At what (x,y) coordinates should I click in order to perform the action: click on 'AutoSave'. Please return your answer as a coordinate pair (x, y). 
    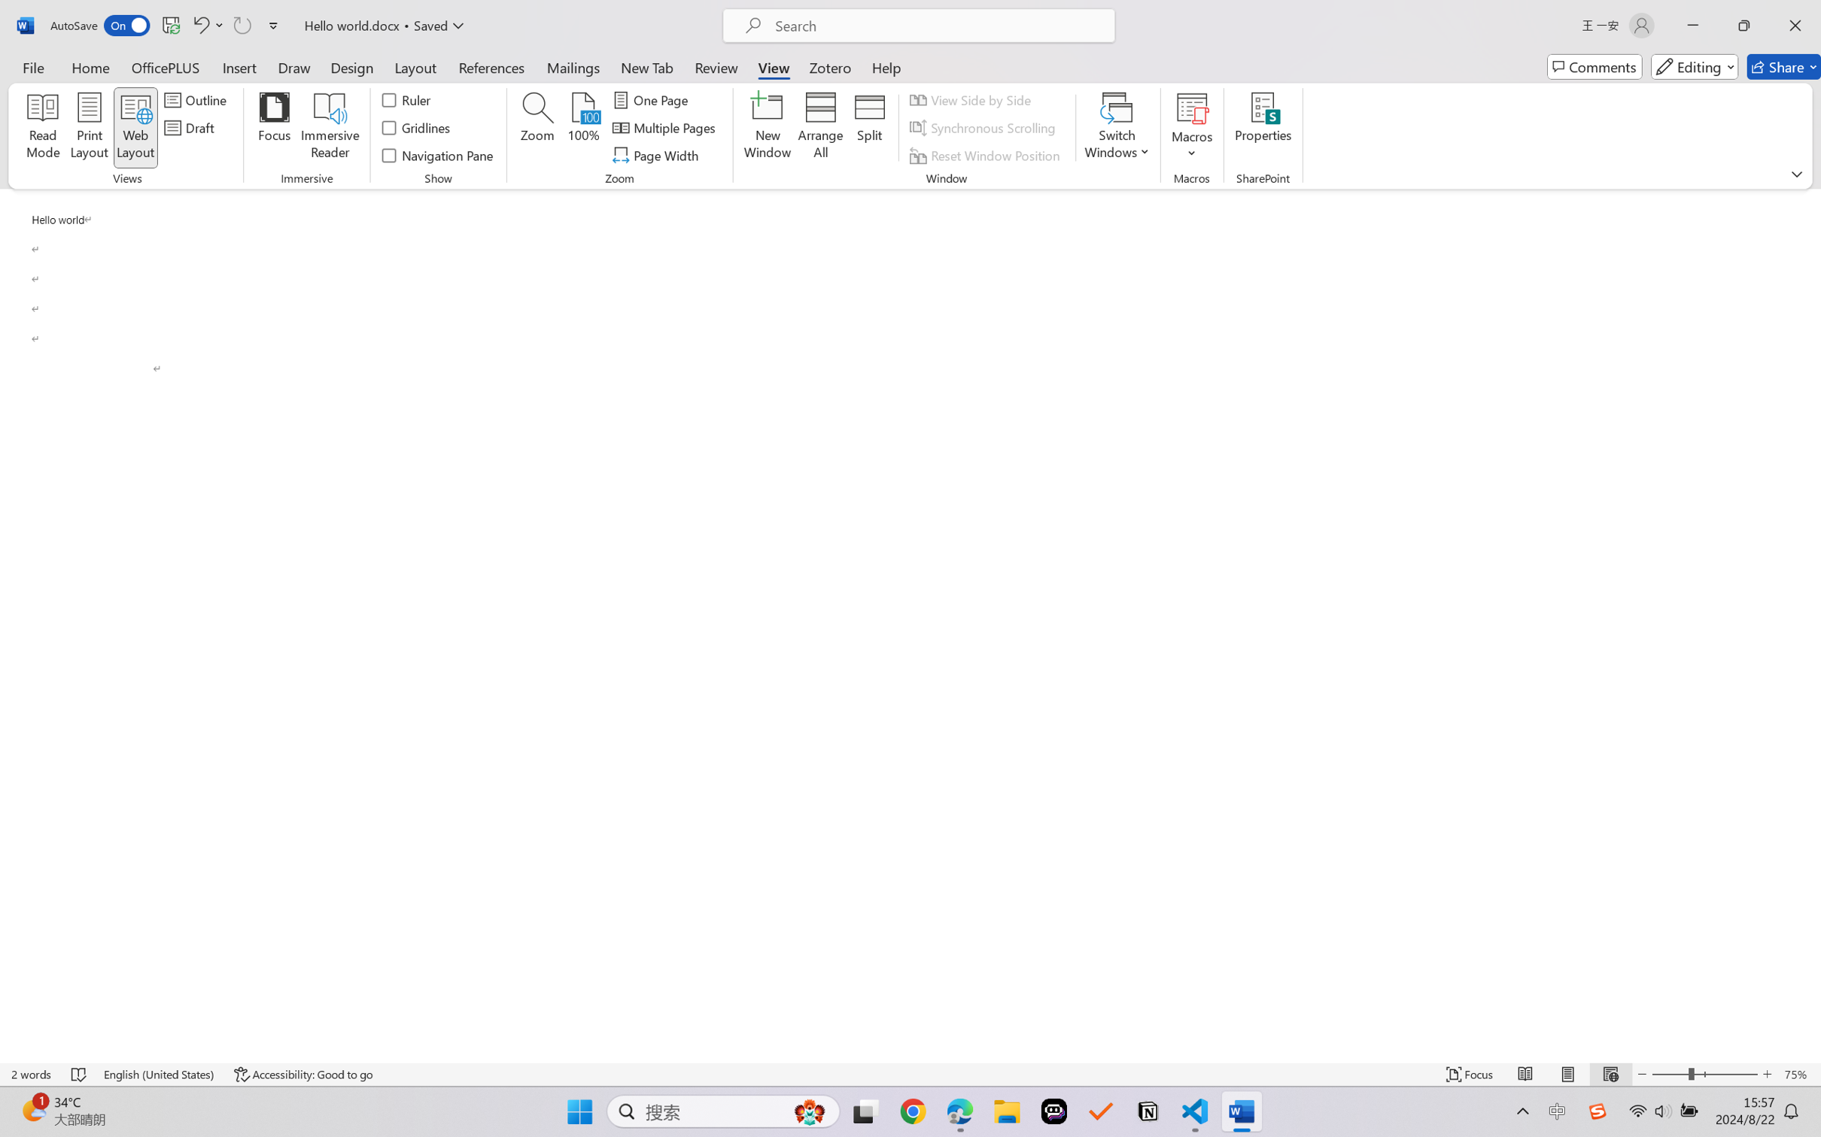
    Looking at the image, I should click on (100, 25).